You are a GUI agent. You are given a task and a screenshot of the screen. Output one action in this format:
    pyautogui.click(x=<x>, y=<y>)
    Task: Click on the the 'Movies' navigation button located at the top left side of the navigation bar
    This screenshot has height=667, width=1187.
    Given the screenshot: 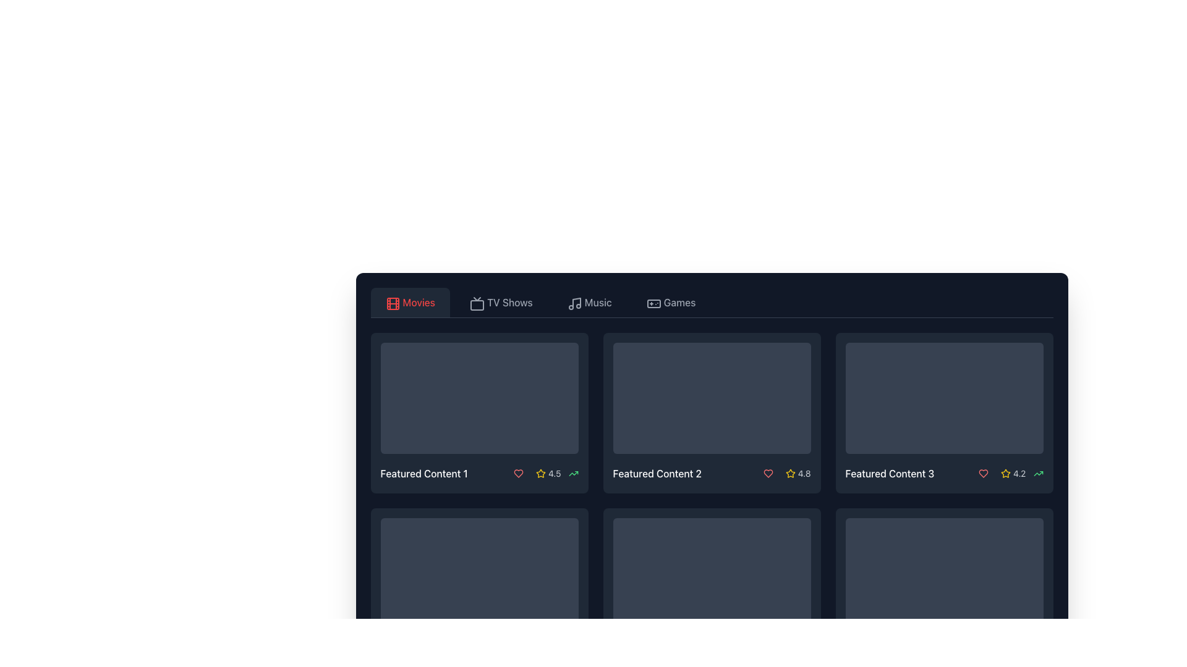 What is the action you would take?
    pyautogui.click(x=410, y=302)
    